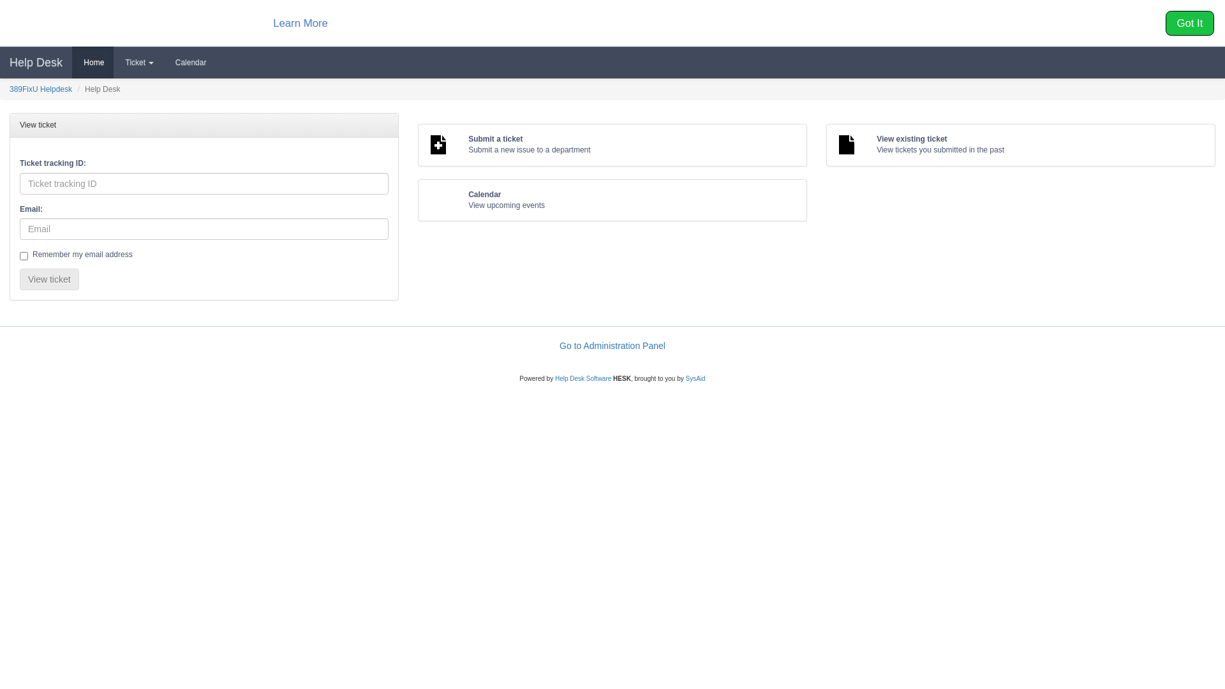  What do you see at coordinates (9, 88) in the screenshot?
I see `'389FixU Helpdesk'` at bounding box center [9, 88].